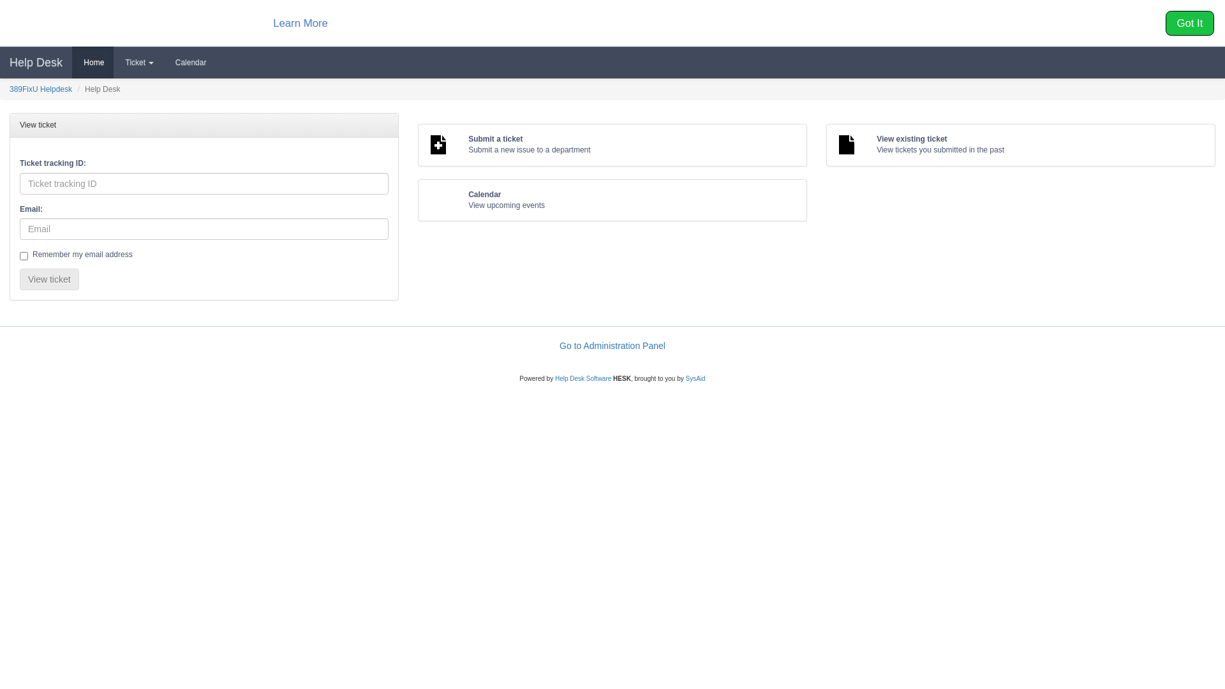  What do you see at coordinates (9, 88) in the screenshot?
I see `'389FixU Helpdesk'` at bounding box center [9, 88].